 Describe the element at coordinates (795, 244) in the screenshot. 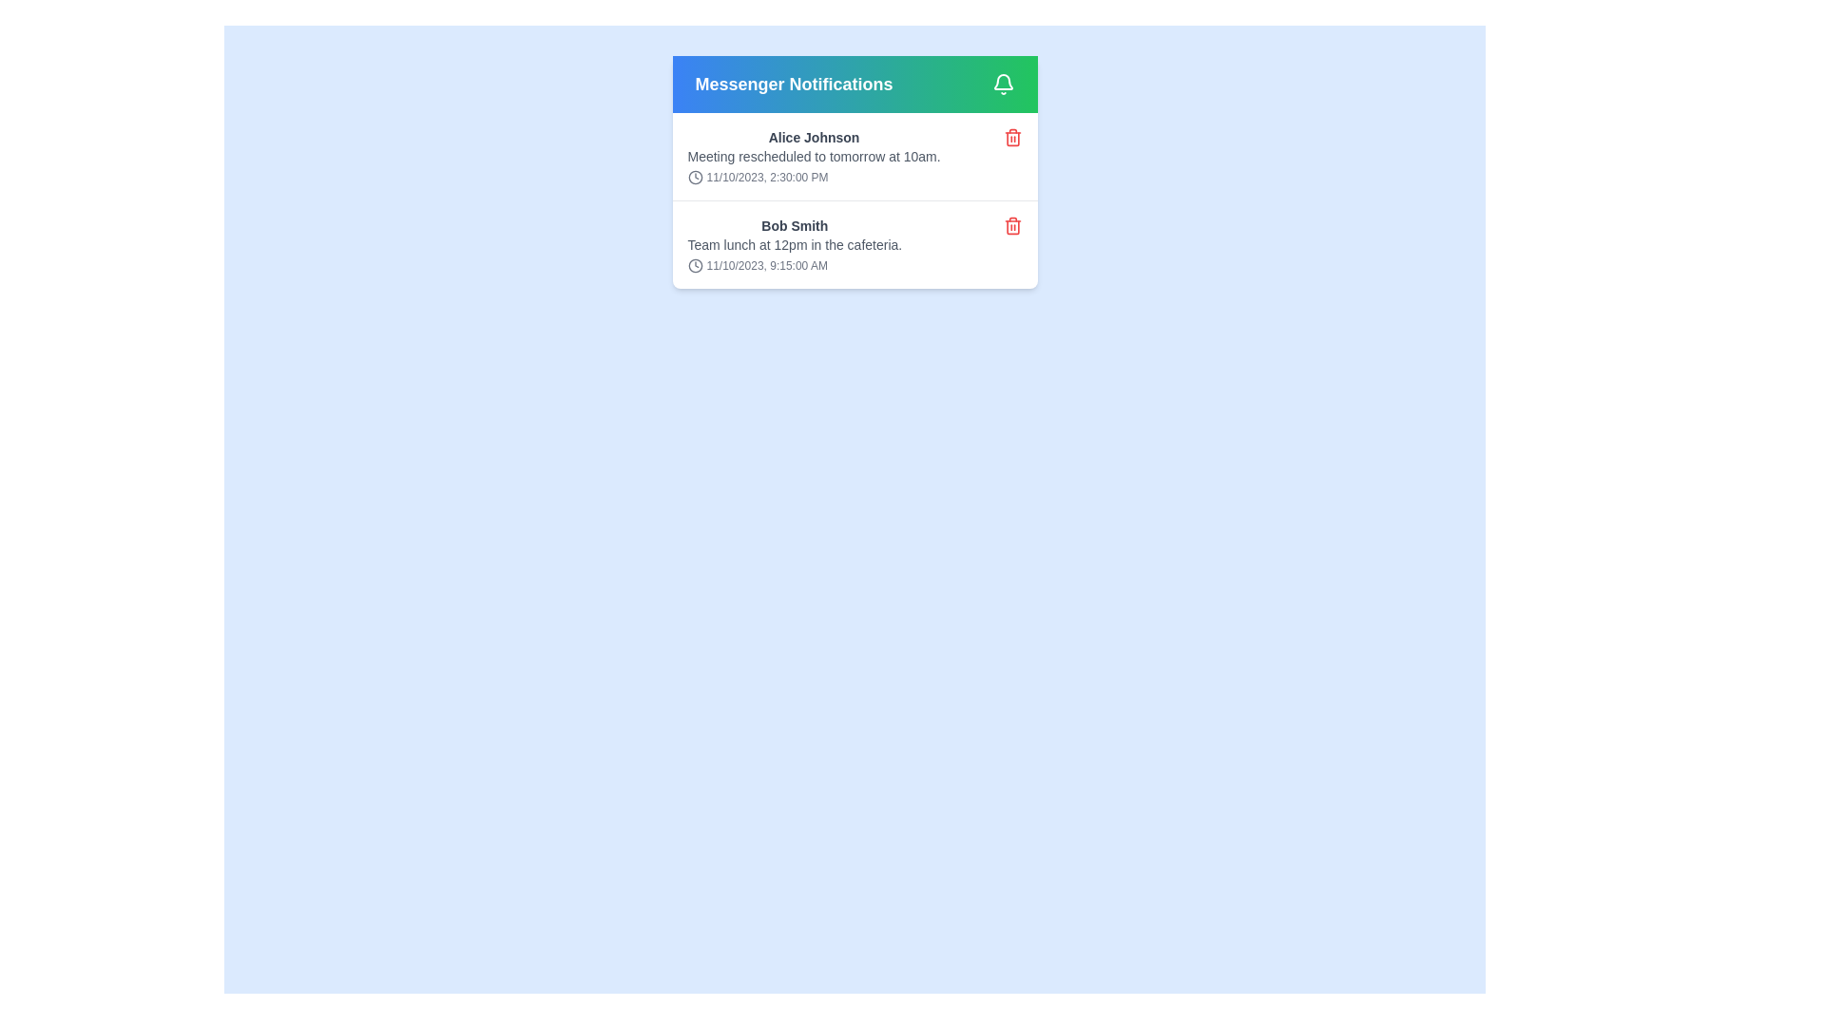

I see `the second notification card in the 'Messenger Notifications' list, which provides details about an event or activity along with the responsible person, description, and timestamp` at that location.